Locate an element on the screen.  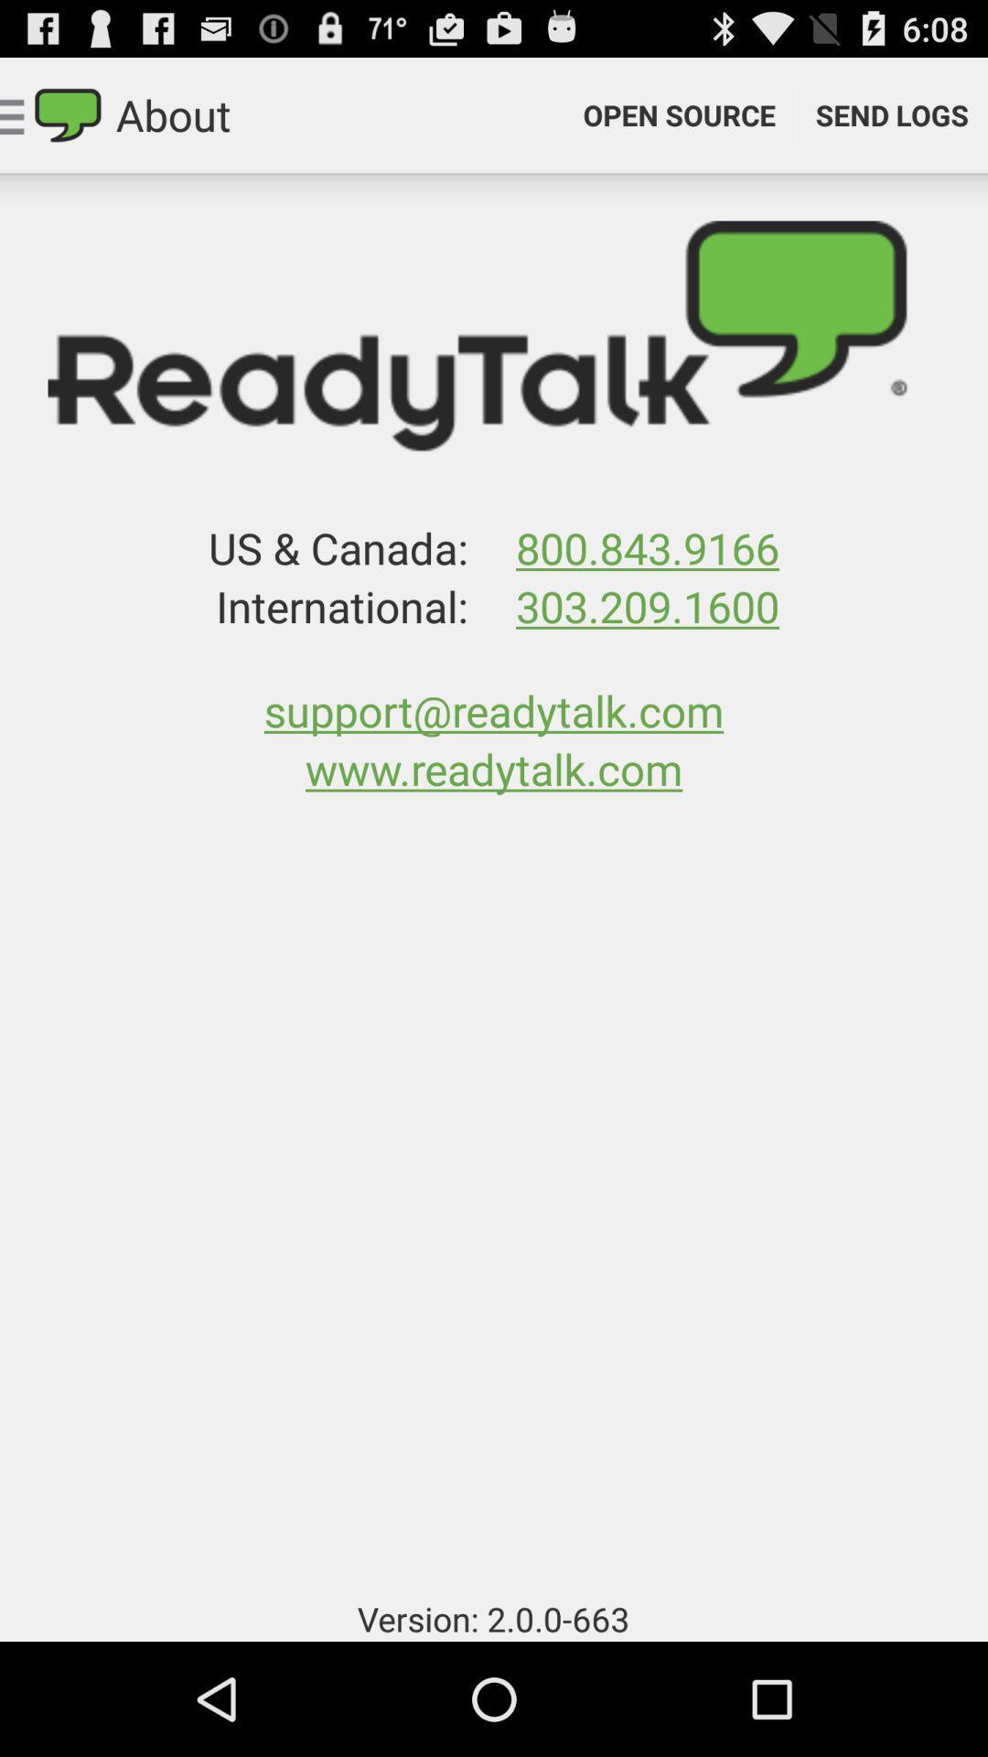
the icon next to the send logs icon is located at coordinates (679, 113).